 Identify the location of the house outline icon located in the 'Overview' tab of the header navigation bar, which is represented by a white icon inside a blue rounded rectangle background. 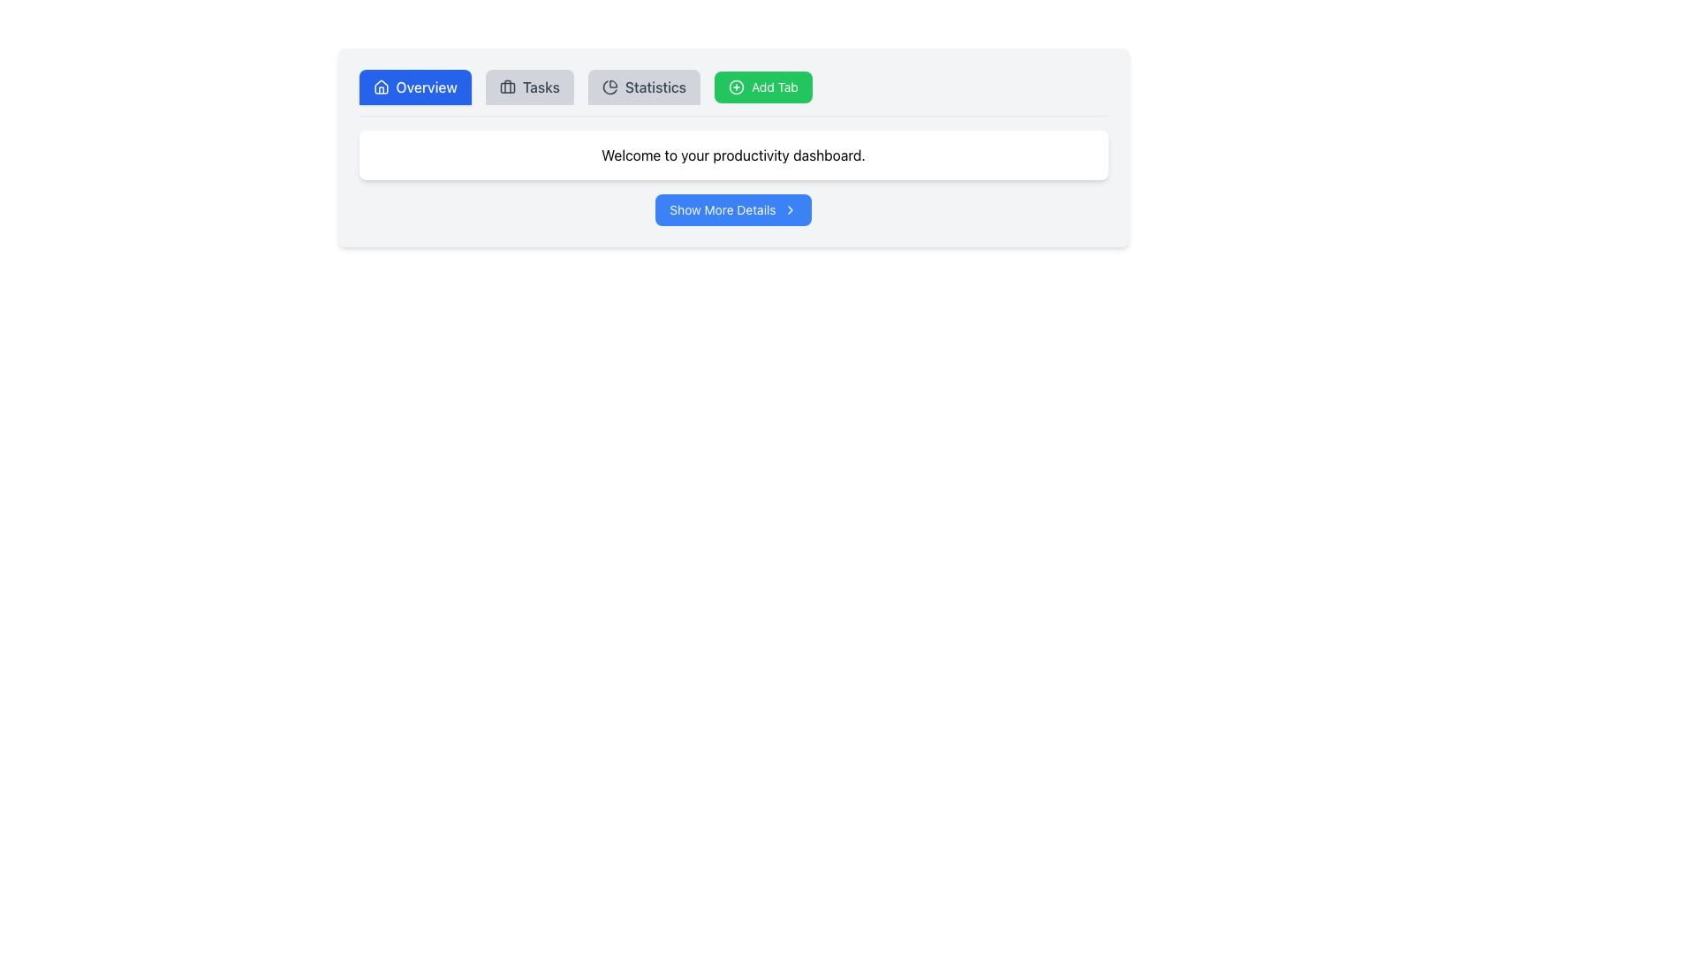
(380, 87).